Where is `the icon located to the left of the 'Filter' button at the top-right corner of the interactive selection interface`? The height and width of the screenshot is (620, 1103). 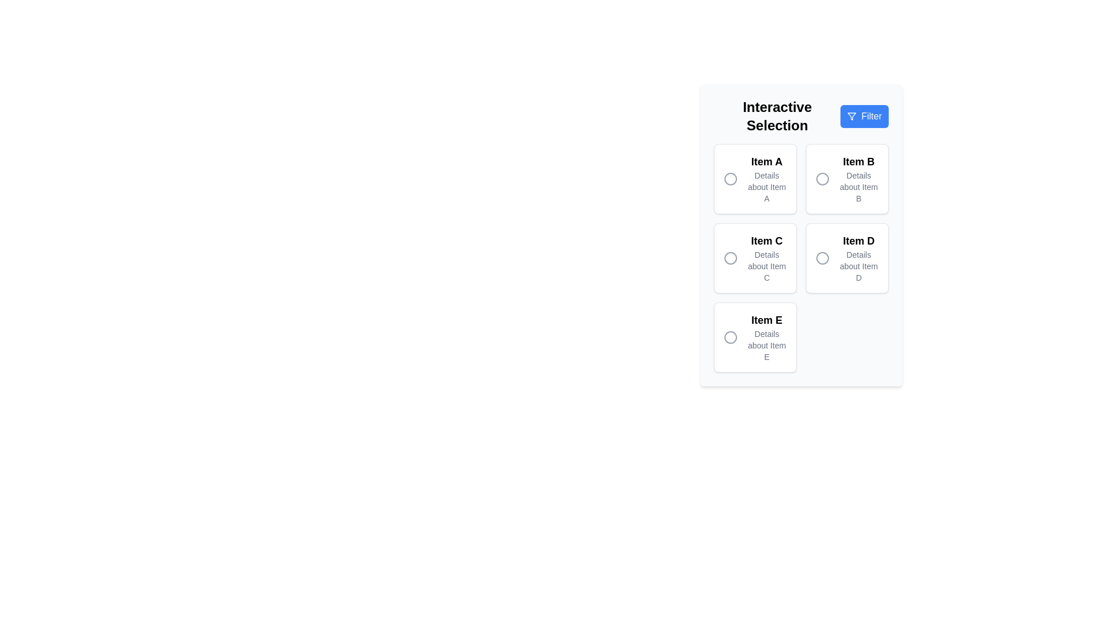 the icon located to the left of the 'Filter' button at the top-right corner of the interactive selection interface is located at coordinates (852, 117).